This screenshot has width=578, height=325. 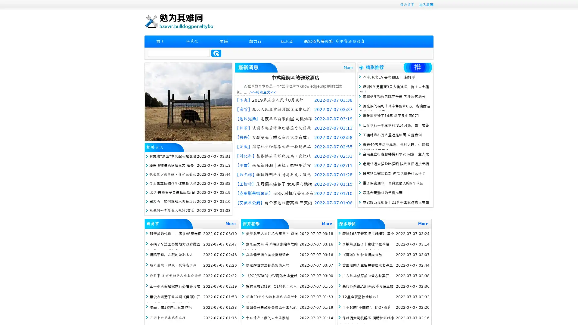 I want to click on Search, so click(x=216, y=53).